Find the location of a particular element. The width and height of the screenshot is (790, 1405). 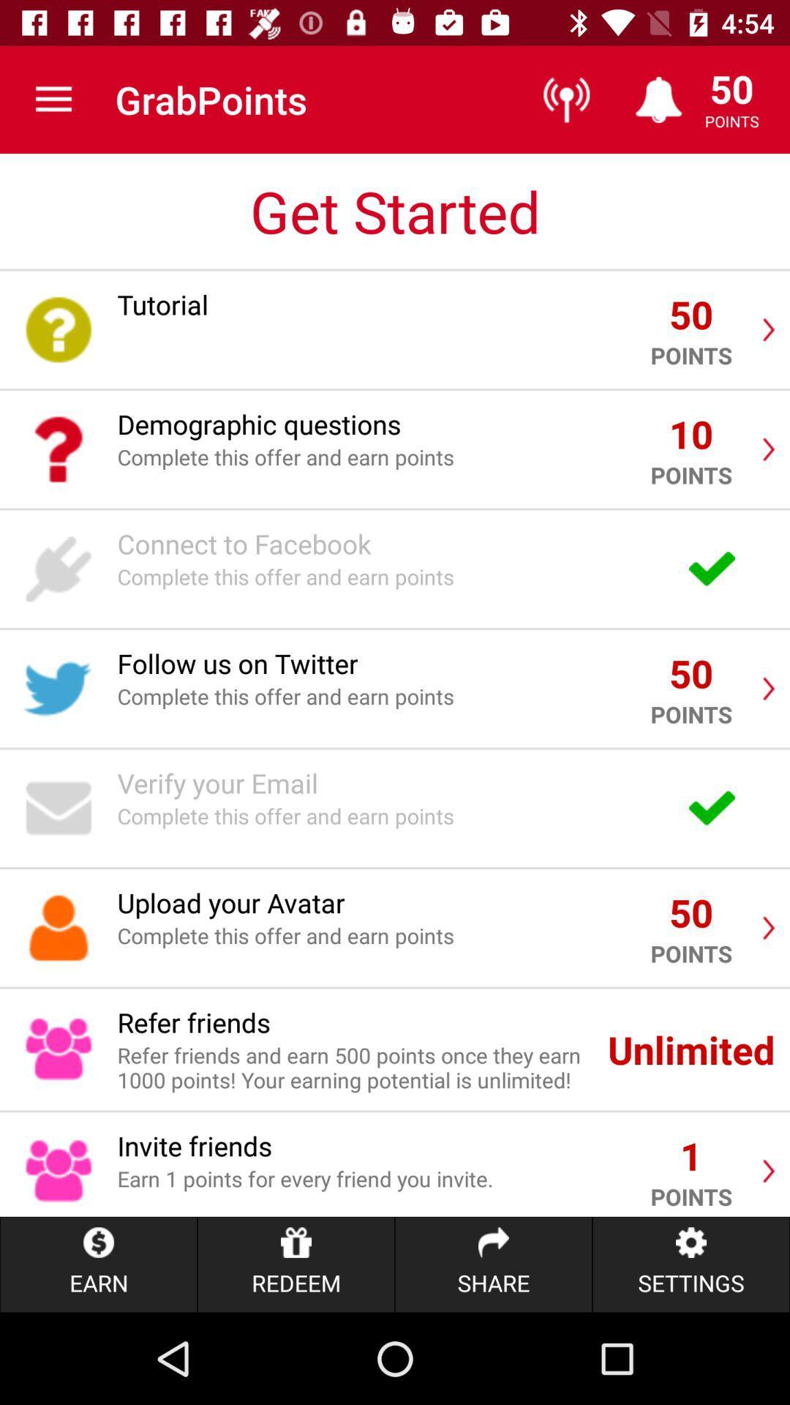

item below earn 1 points is located at coordinates (296, 1264).